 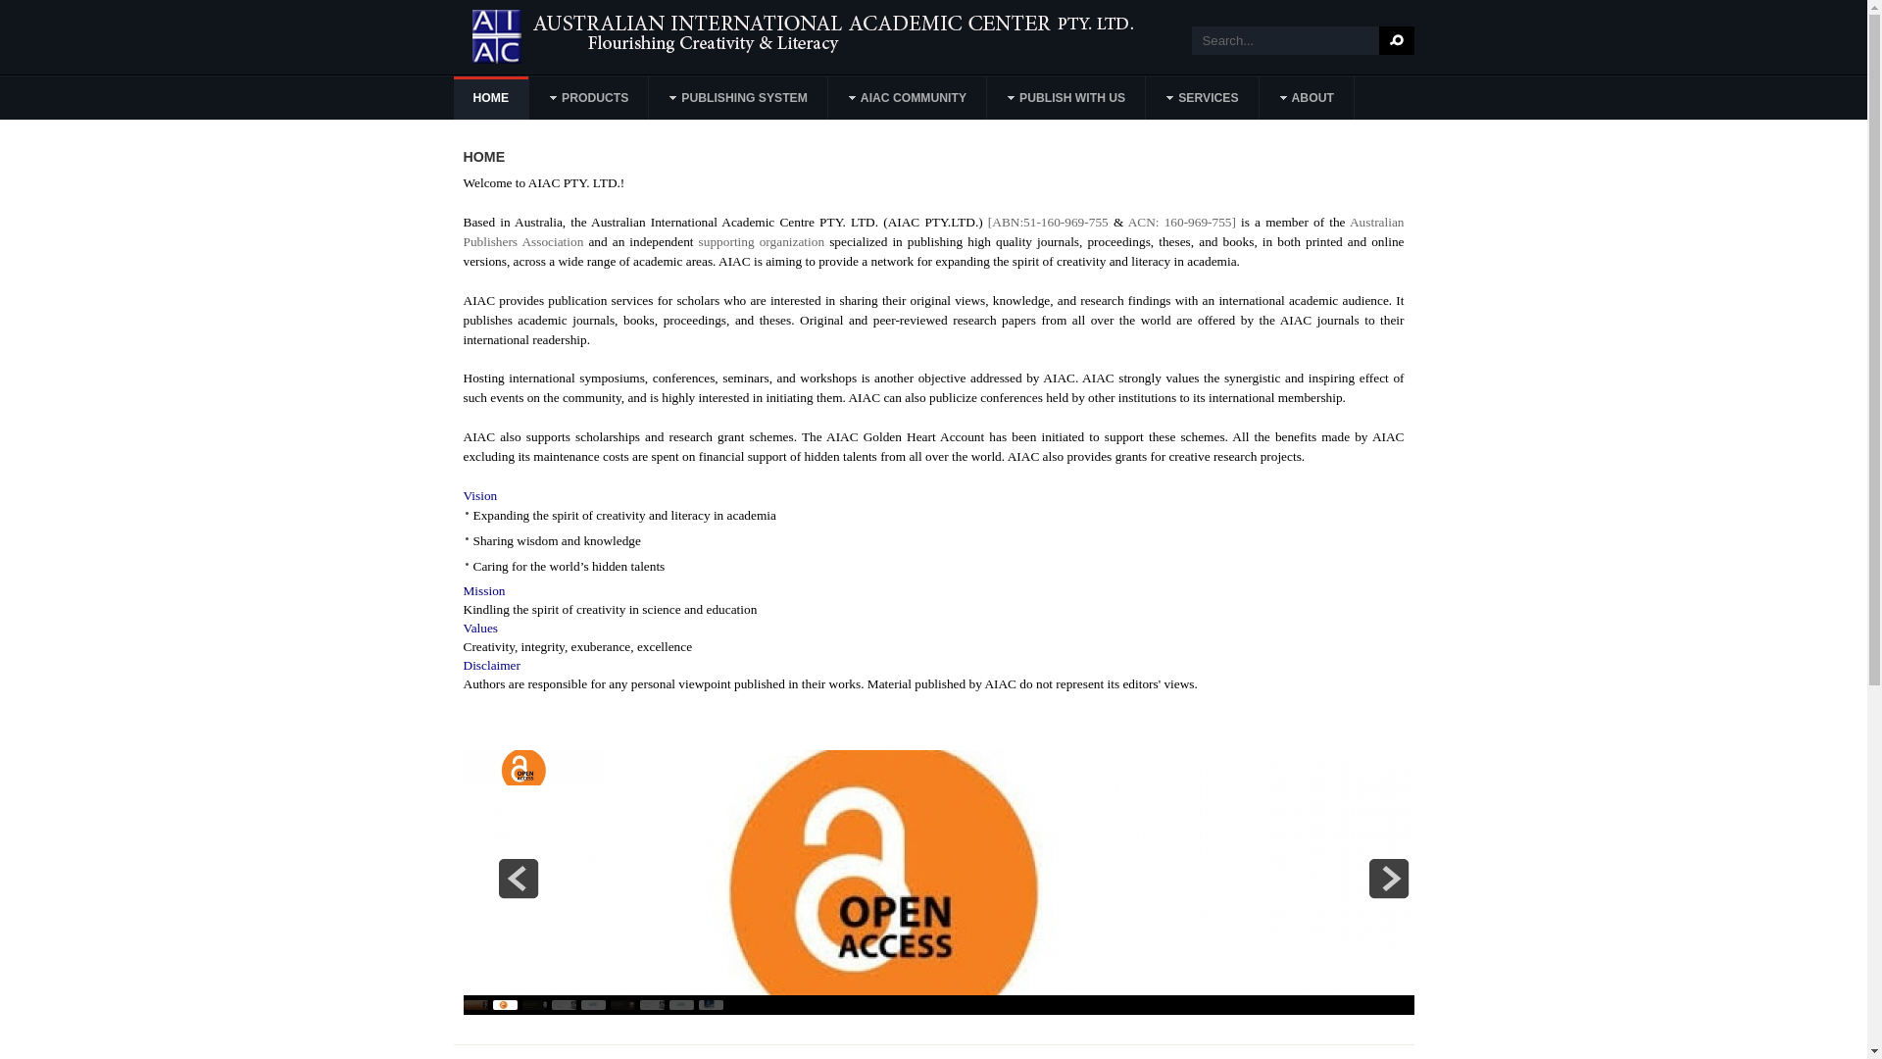 I want to click on 'AIAC COMMUNITY', so click(x=907, y=98).